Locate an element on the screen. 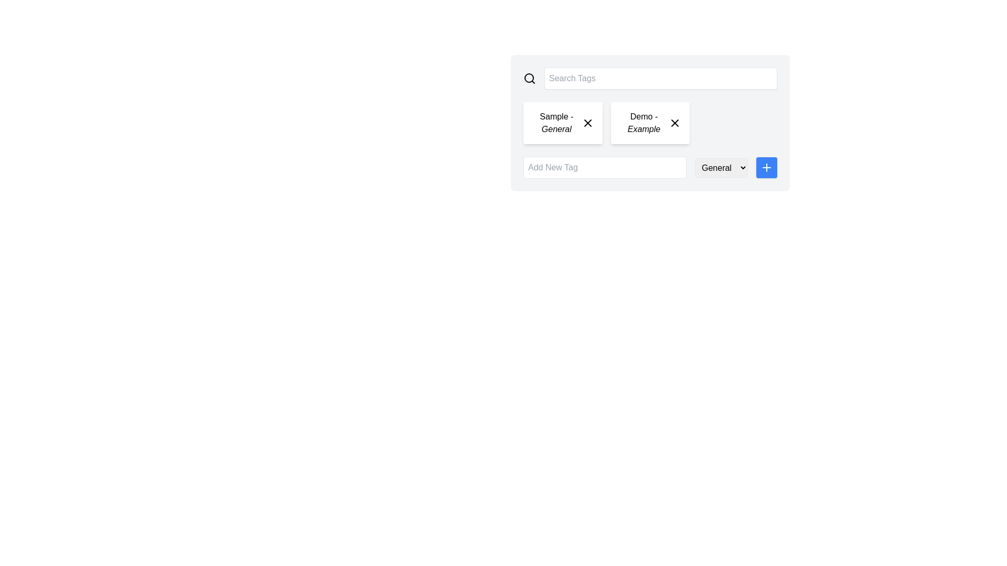  the delete icon on the 'Demo - Example' tag element is located at coordinates (649, 123).